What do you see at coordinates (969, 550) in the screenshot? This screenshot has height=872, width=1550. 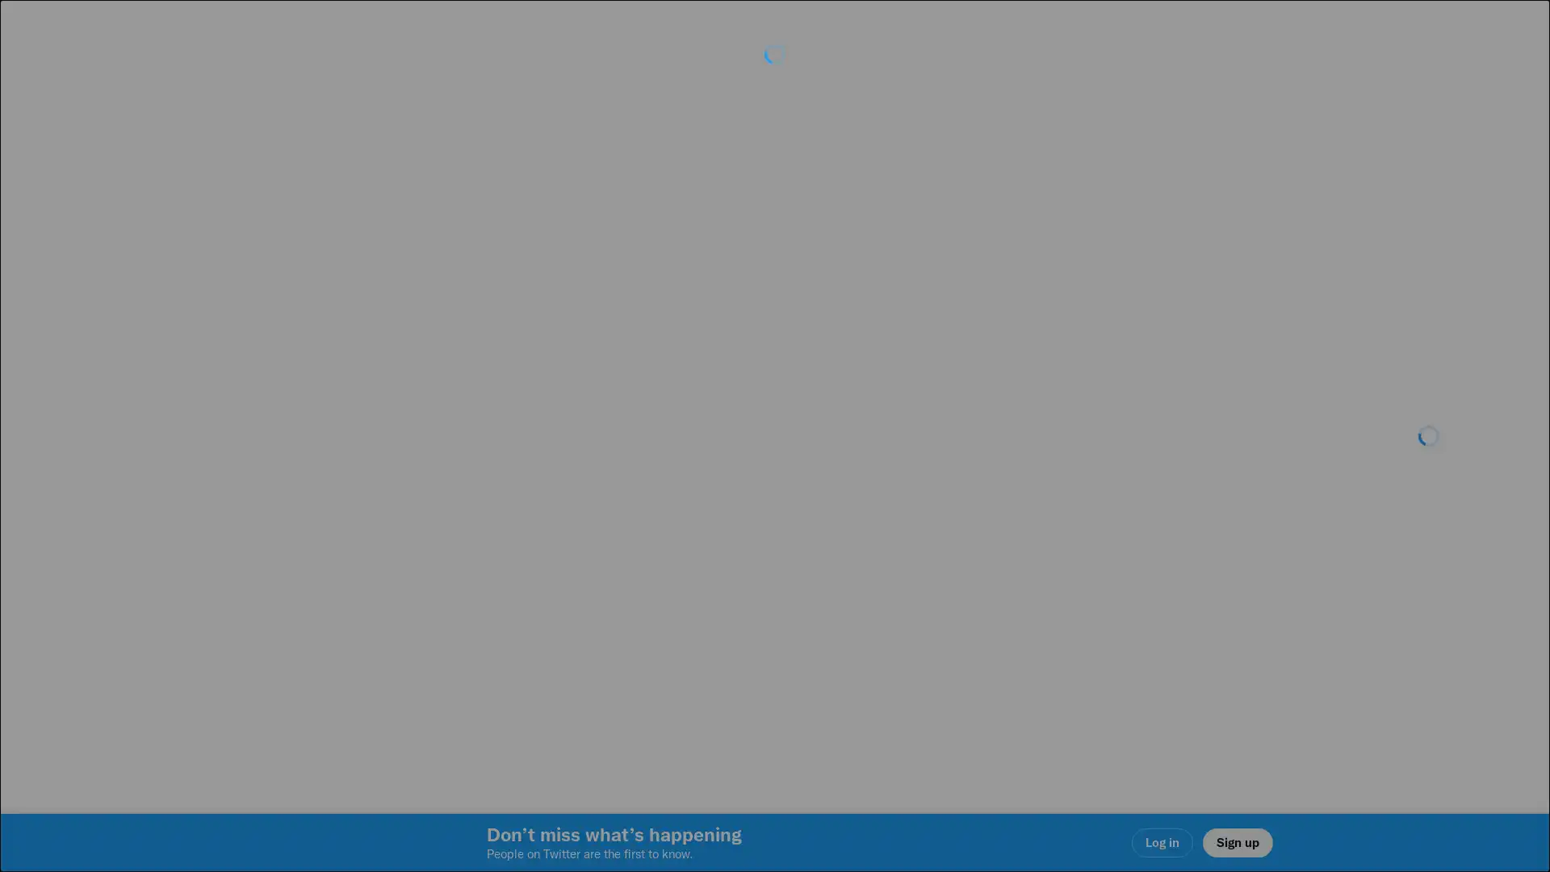 I see `Log in` at bounding box center [969, 550].